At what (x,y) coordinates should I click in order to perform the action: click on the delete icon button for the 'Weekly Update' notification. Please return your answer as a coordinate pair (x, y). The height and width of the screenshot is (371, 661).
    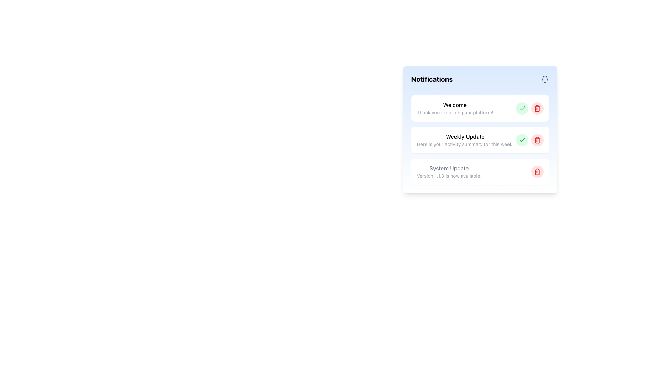
    Looking at the image, I should click on (537, 140).